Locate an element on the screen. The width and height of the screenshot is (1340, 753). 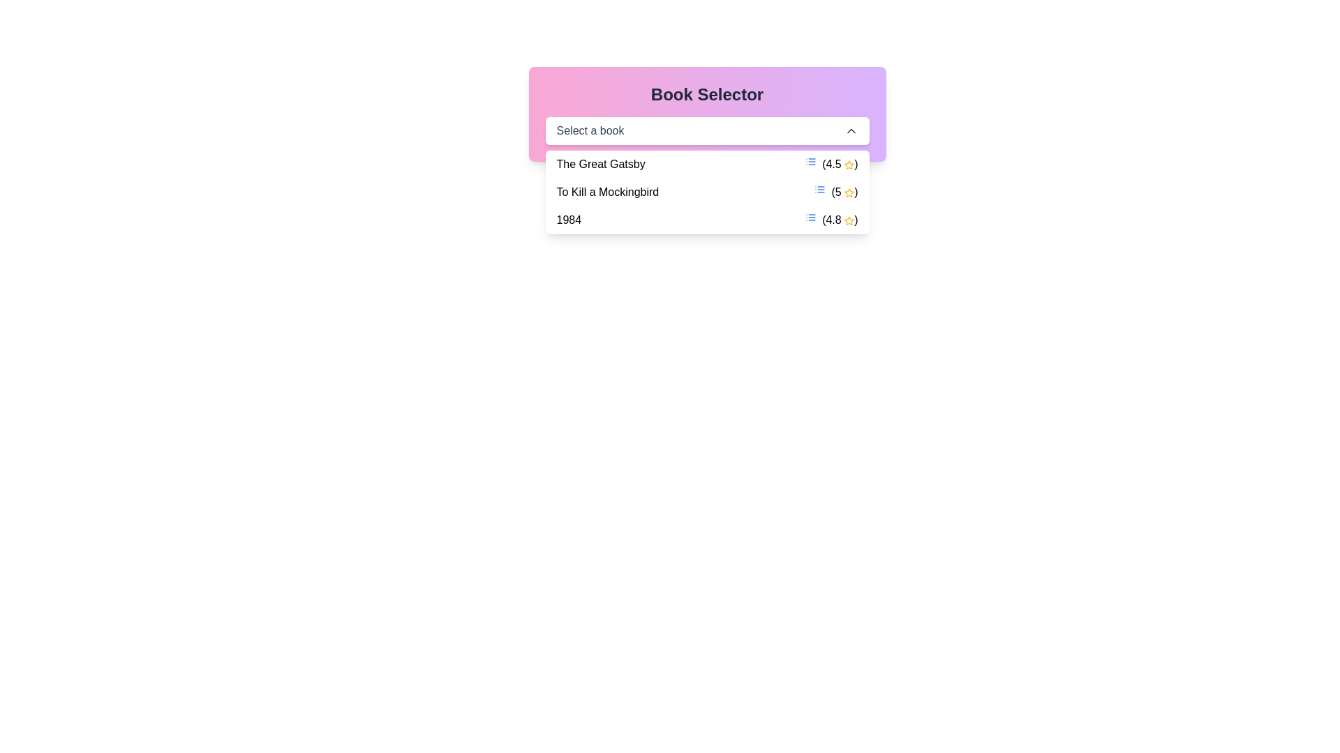
the visual representation of the star rating icon next to the text '4.5' in the first item of the list under the 'Book Selector' dropdown is located at coordinates (849, 220).